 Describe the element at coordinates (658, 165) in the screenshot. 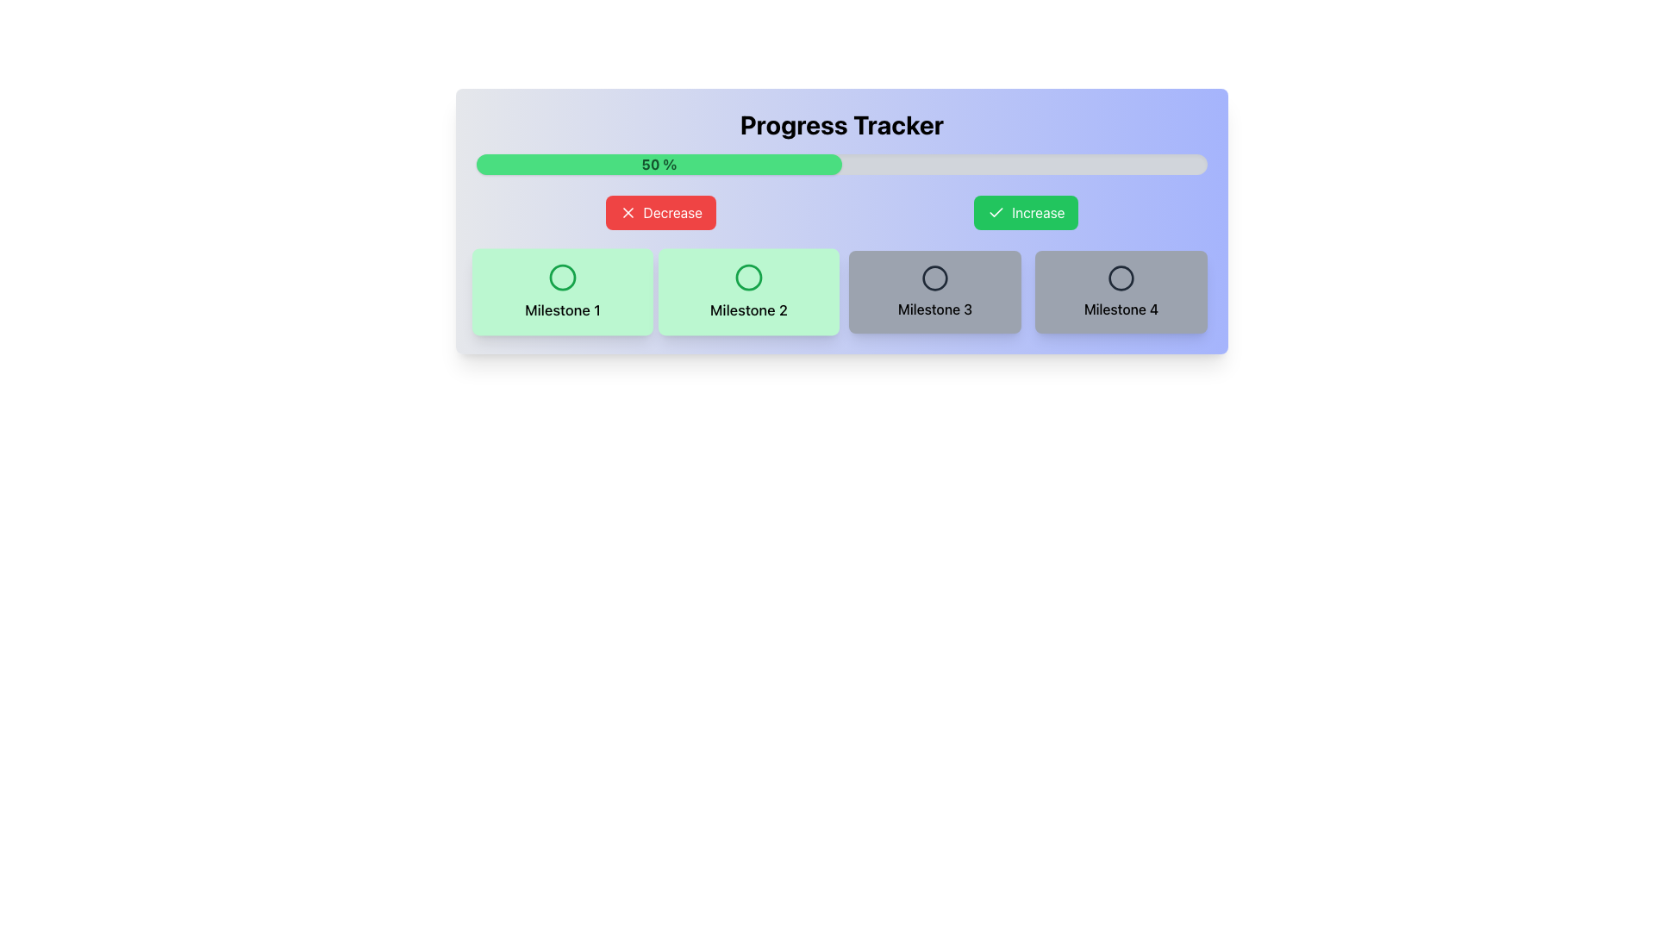

I see `percentage value displayed in the green-filled portion of the progress bar indicator, which shows '50%' in bold green font` at that location.